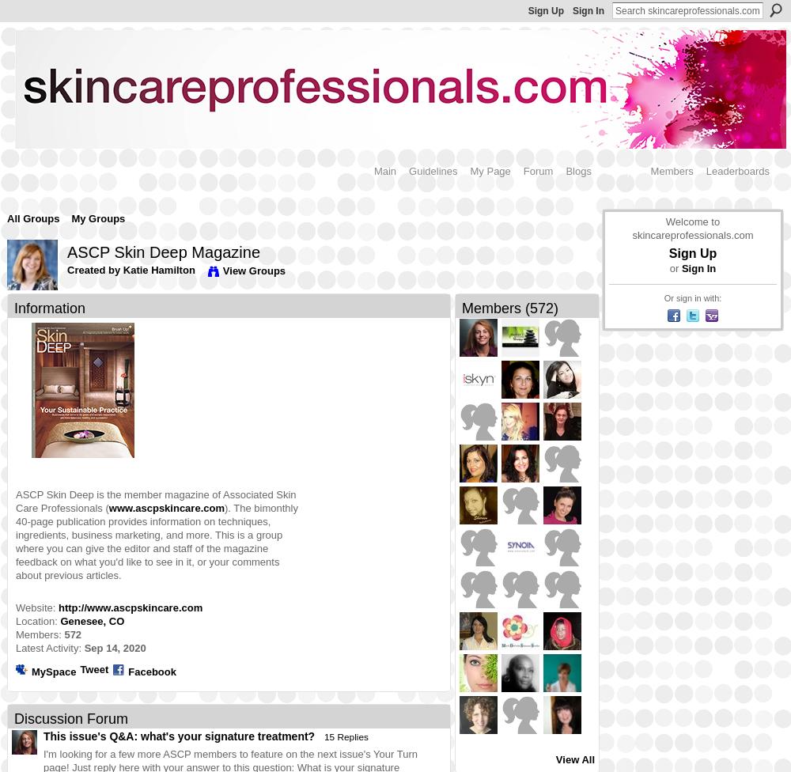 The width and height of the screenshot is (791, 772). I want to click on 'Blogs', so click(565, 169).